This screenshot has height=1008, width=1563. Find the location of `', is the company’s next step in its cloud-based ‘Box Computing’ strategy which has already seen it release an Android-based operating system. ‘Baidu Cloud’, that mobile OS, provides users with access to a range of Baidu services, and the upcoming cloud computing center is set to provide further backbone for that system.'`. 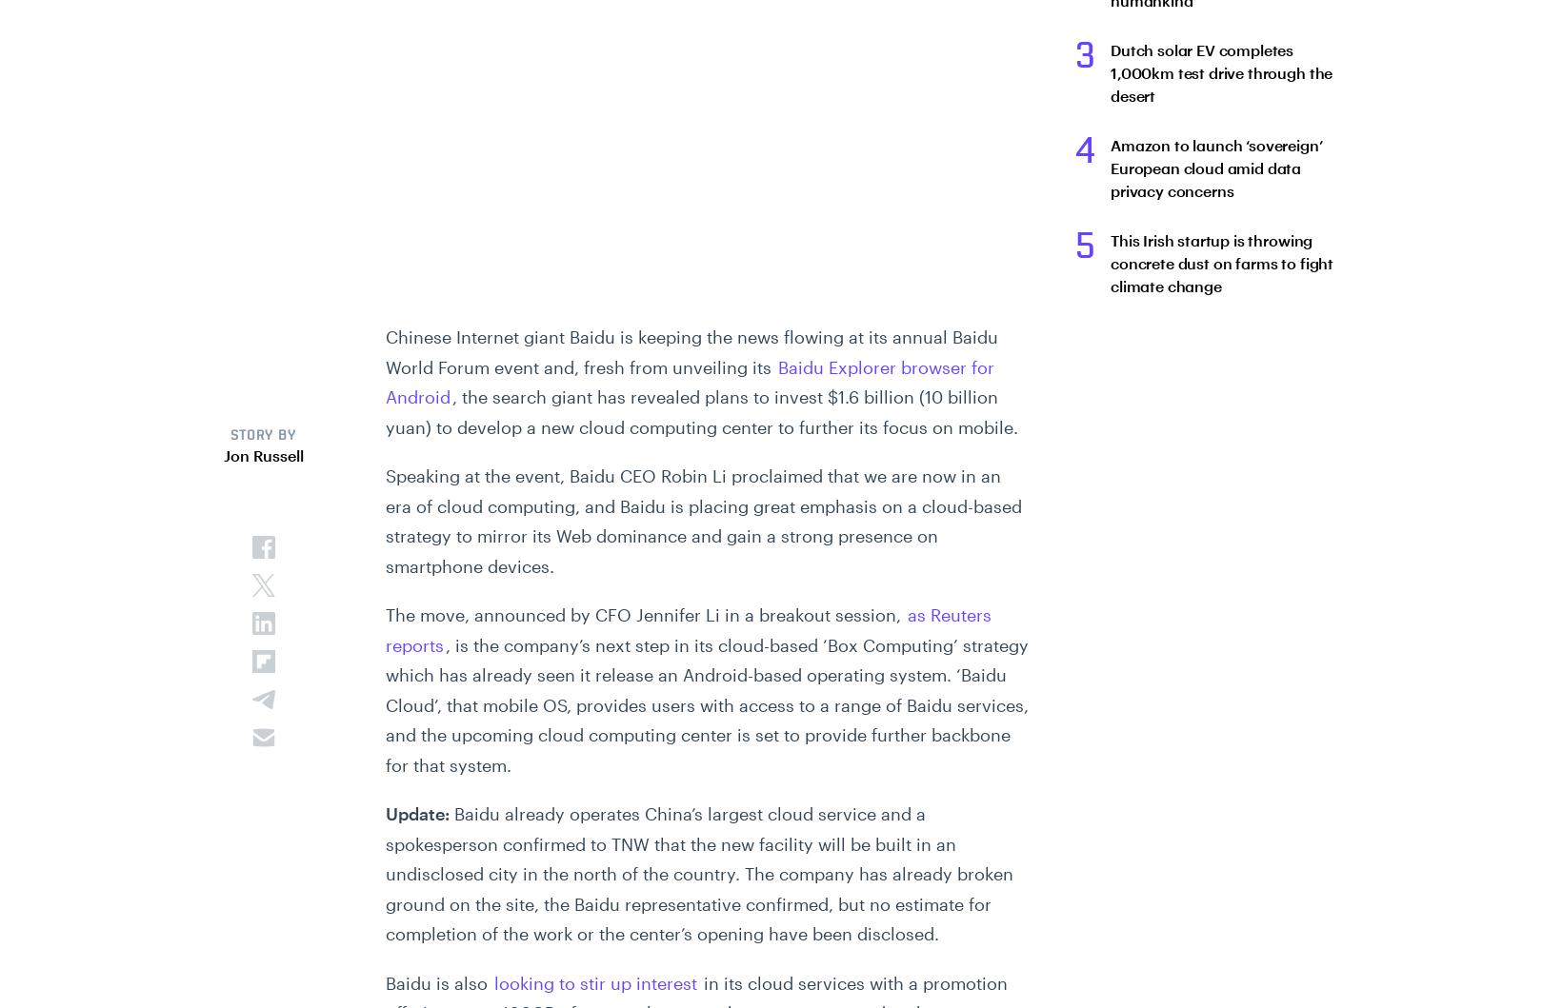

', is the company’s next step in its cloud-based ‘Box Computing’ strategy which has already seen it release an Android-based operating system. ‘Baidu Cloud’, that mobile OS, provides users with access to a range of Baidu services, and the upcoming cloud computing center is set to provide further backbone for that system.' is located at coordinates (705, 704).